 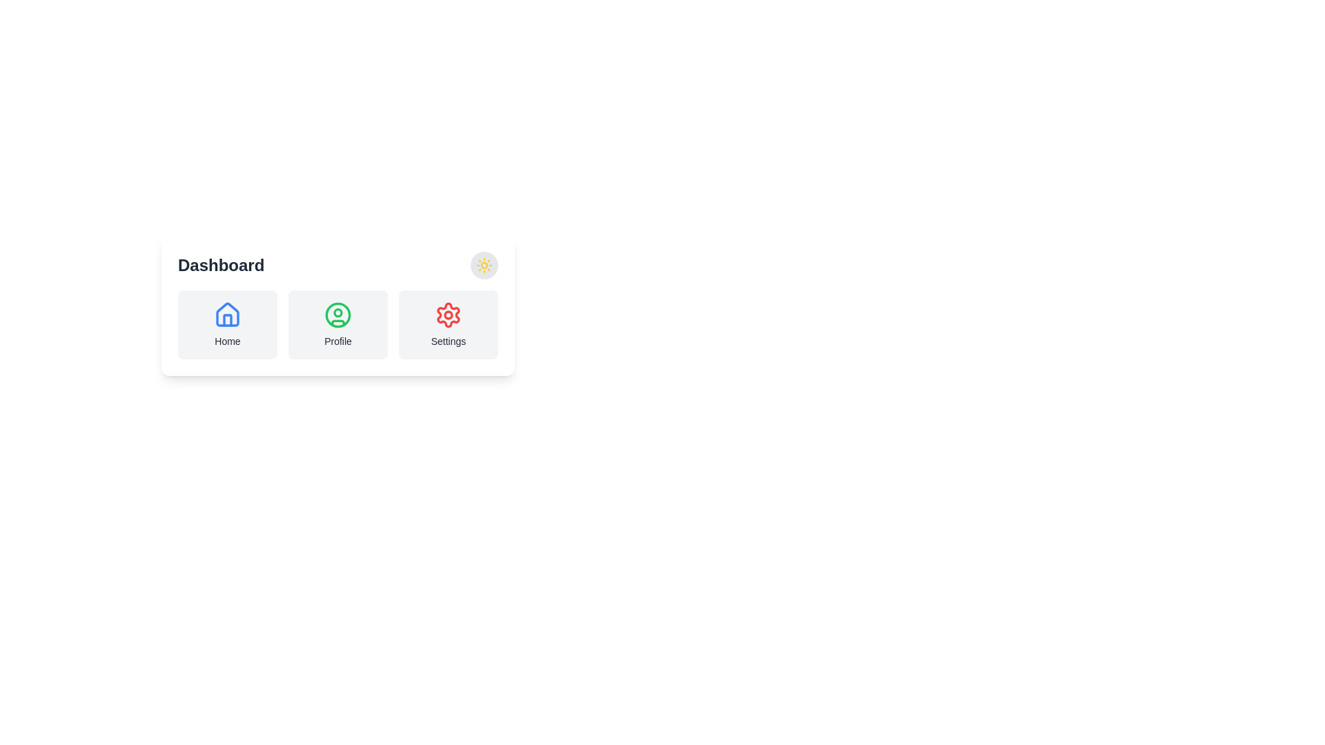 What do you see at coordinates (448, 315) in the screenshot?
I see `the small circular decorative element located at the center of the gear-shaped settings icon` at bounding box center [448, 315].